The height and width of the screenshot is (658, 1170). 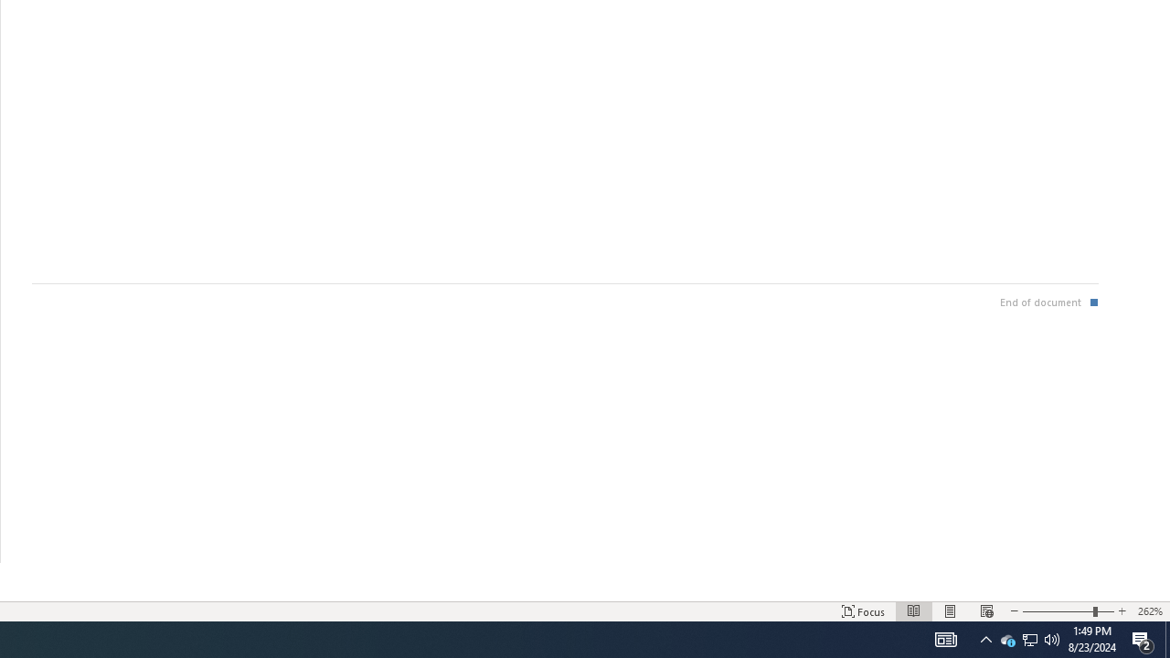 What do you see at coordinates (1013, 611) in the screenshot?
I see `'Decrease Text Size'` at bounding box center [1013, 611].